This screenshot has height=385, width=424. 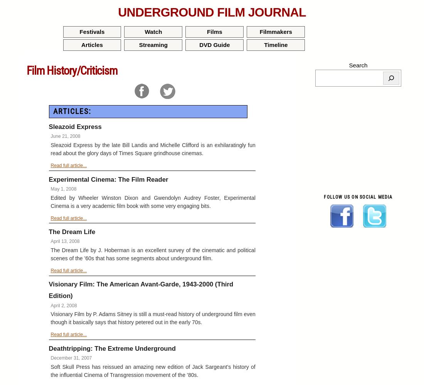 I want to click on 'December 31, 2007', so click(x=71, y=358).